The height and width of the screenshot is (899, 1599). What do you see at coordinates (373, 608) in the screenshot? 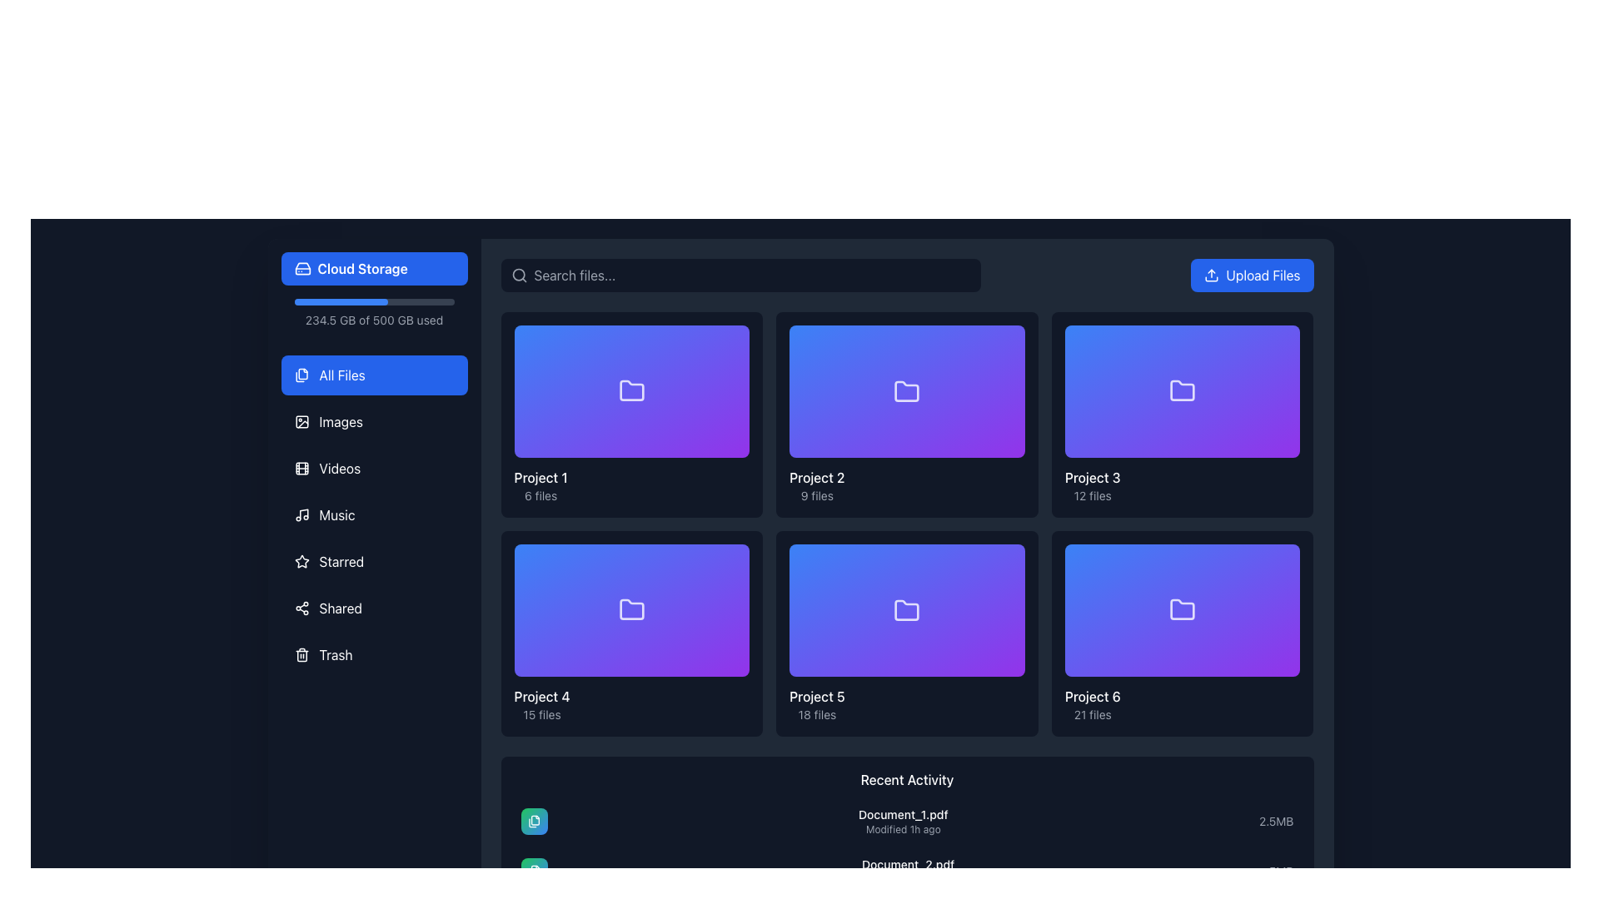
I see `the seventh button in the vertical list of the sidebar panel` at bounding box center [373, 608].